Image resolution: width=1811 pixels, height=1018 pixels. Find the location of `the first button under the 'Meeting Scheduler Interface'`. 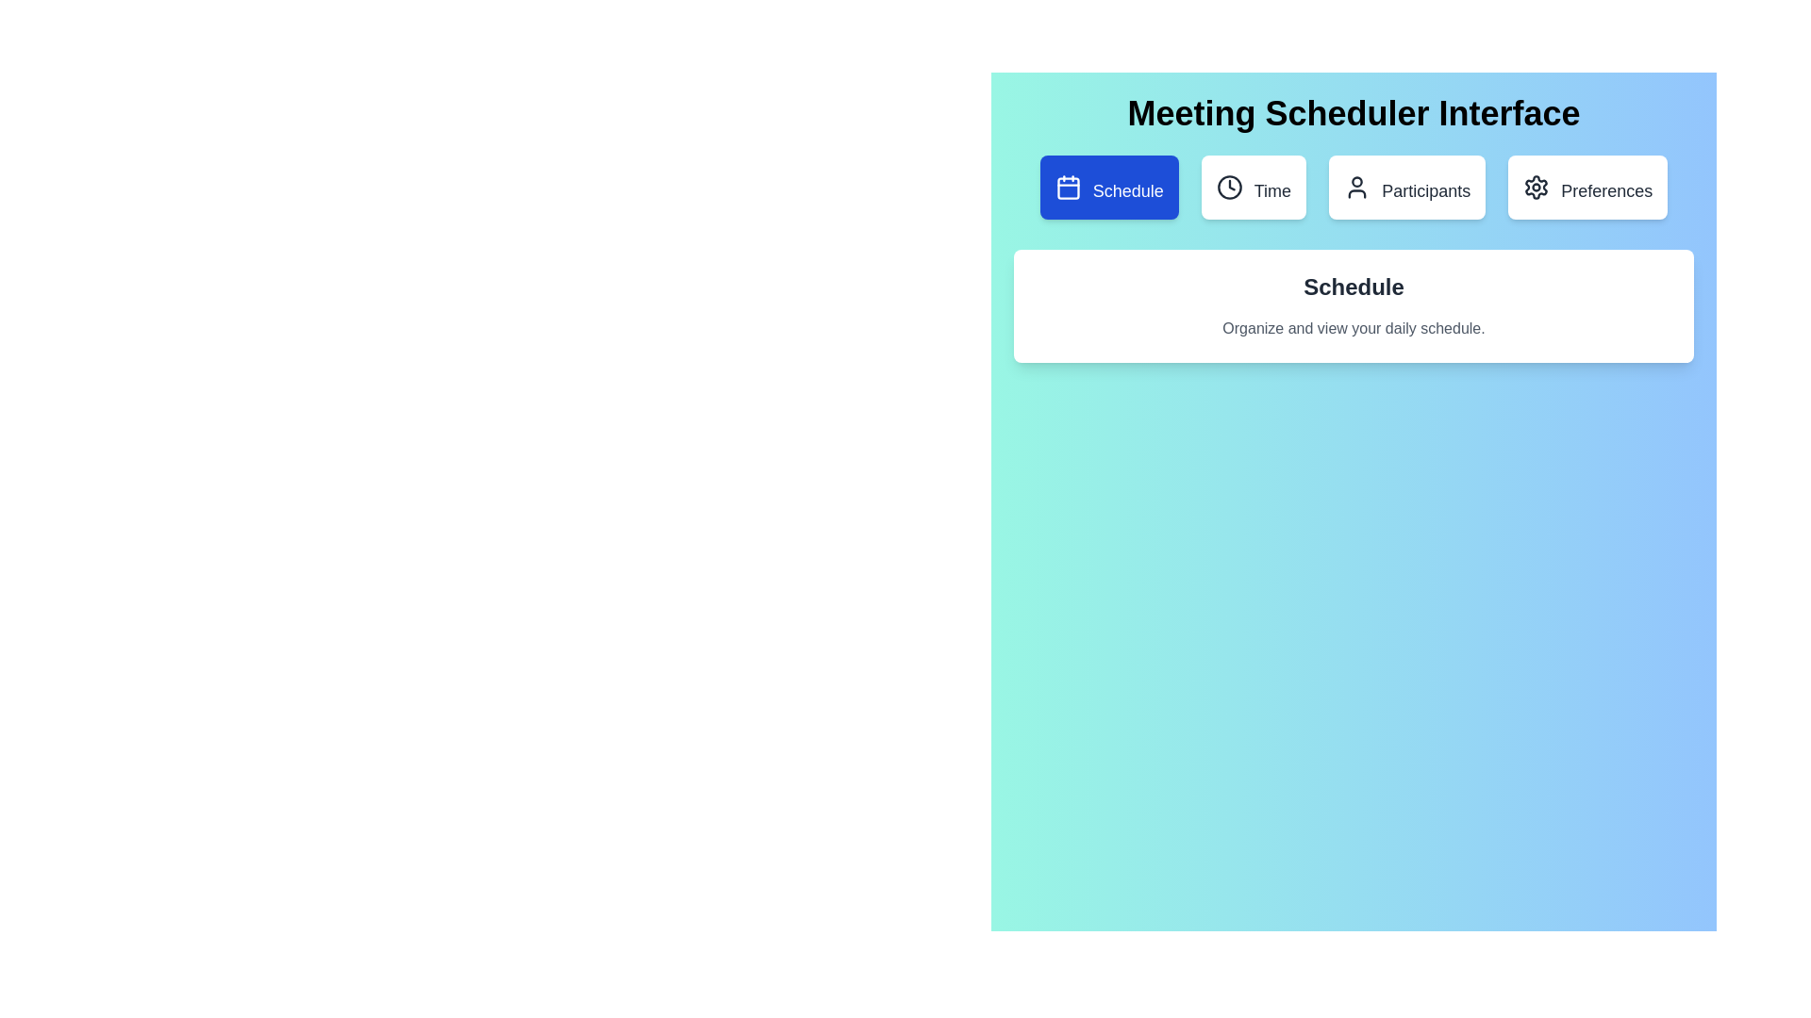

the first button under the 'Meeting Scheduler Interface' is located at coordinates (1109, 188).